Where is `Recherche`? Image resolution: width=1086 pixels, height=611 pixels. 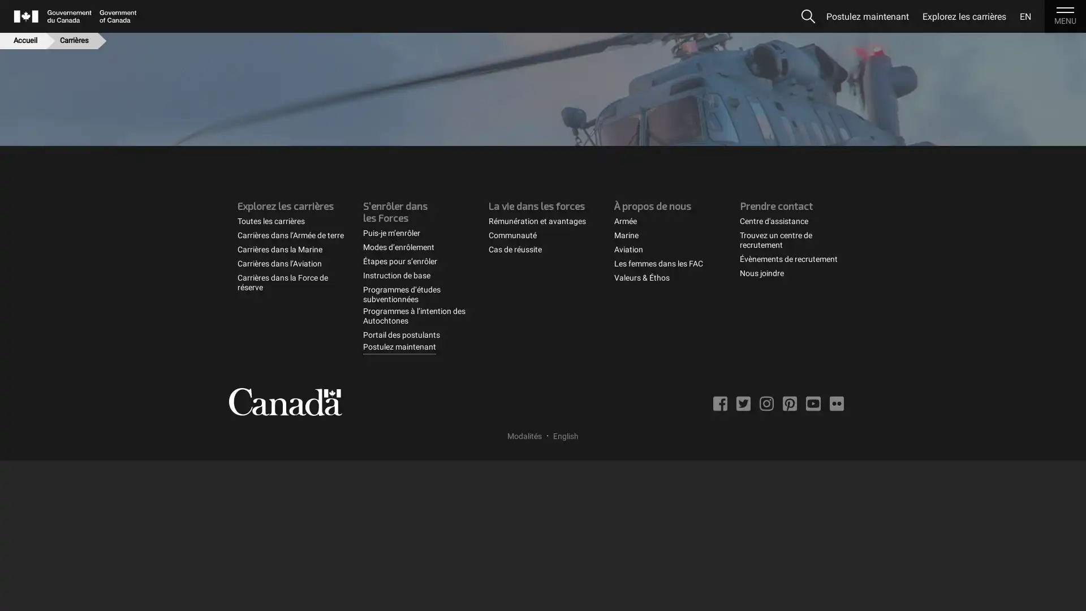
Recherche is located at coordinates (808, 16).